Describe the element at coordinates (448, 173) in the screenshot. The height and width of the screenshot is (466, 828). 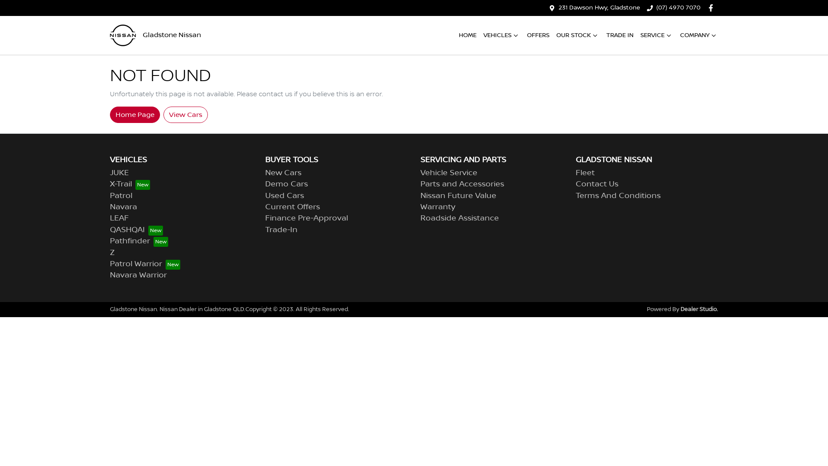
I see `'Vehicle Service'` at that location.